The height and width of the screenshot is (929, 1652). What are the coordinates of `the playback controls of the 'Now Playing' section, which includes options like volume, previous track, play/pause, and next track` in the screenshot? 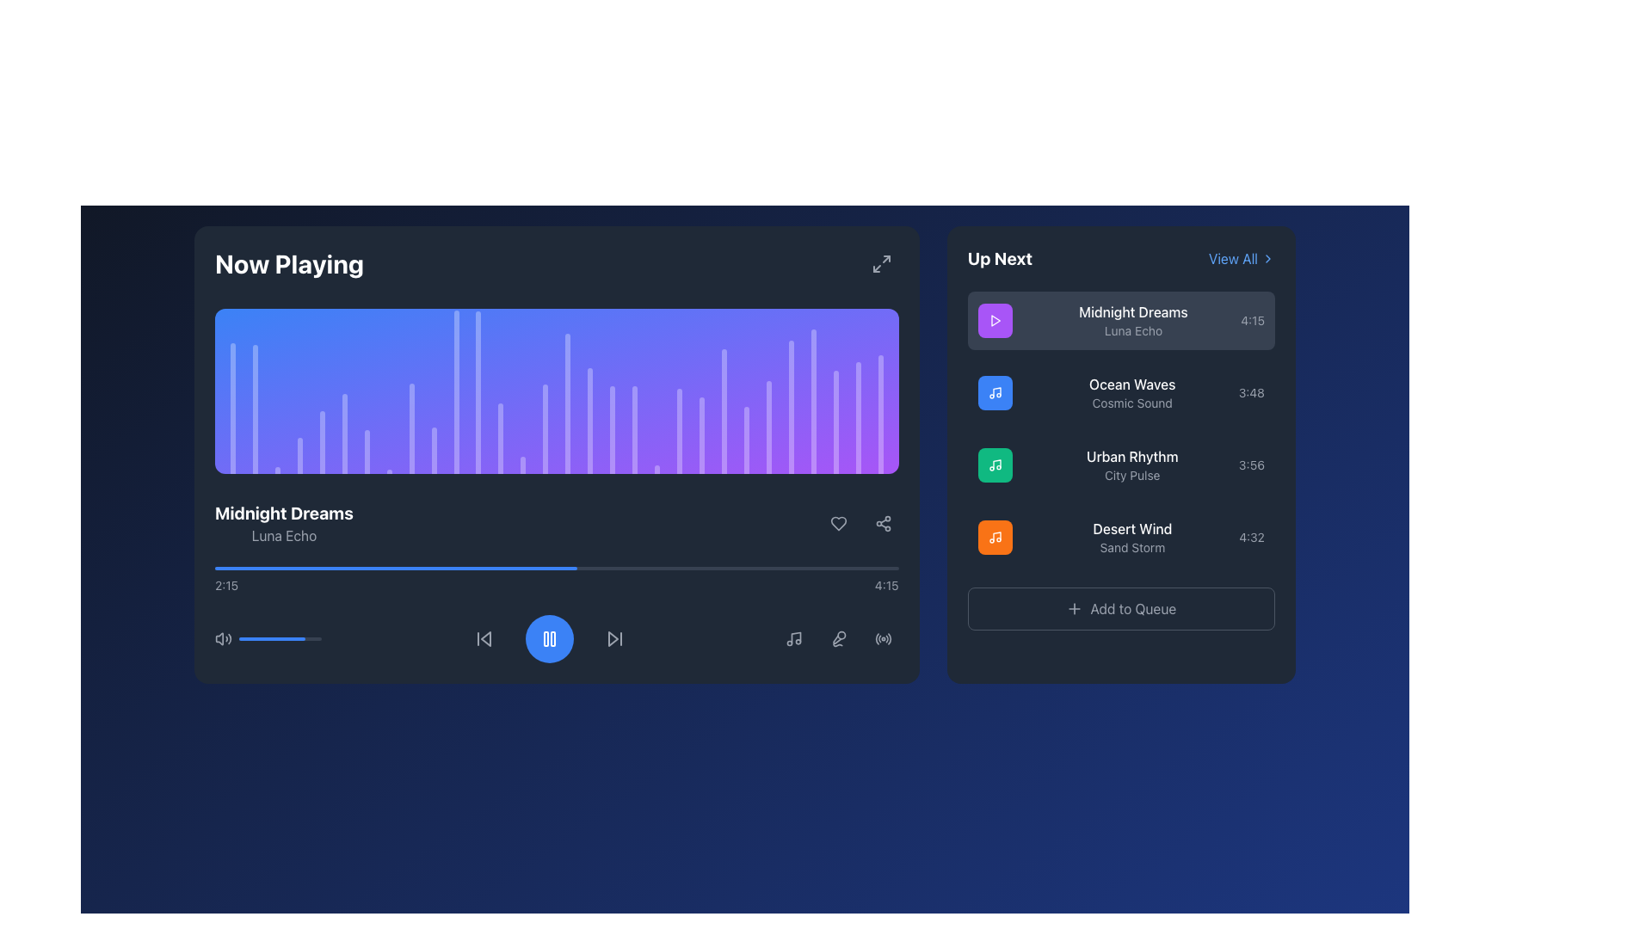 It's located at (557, 581).